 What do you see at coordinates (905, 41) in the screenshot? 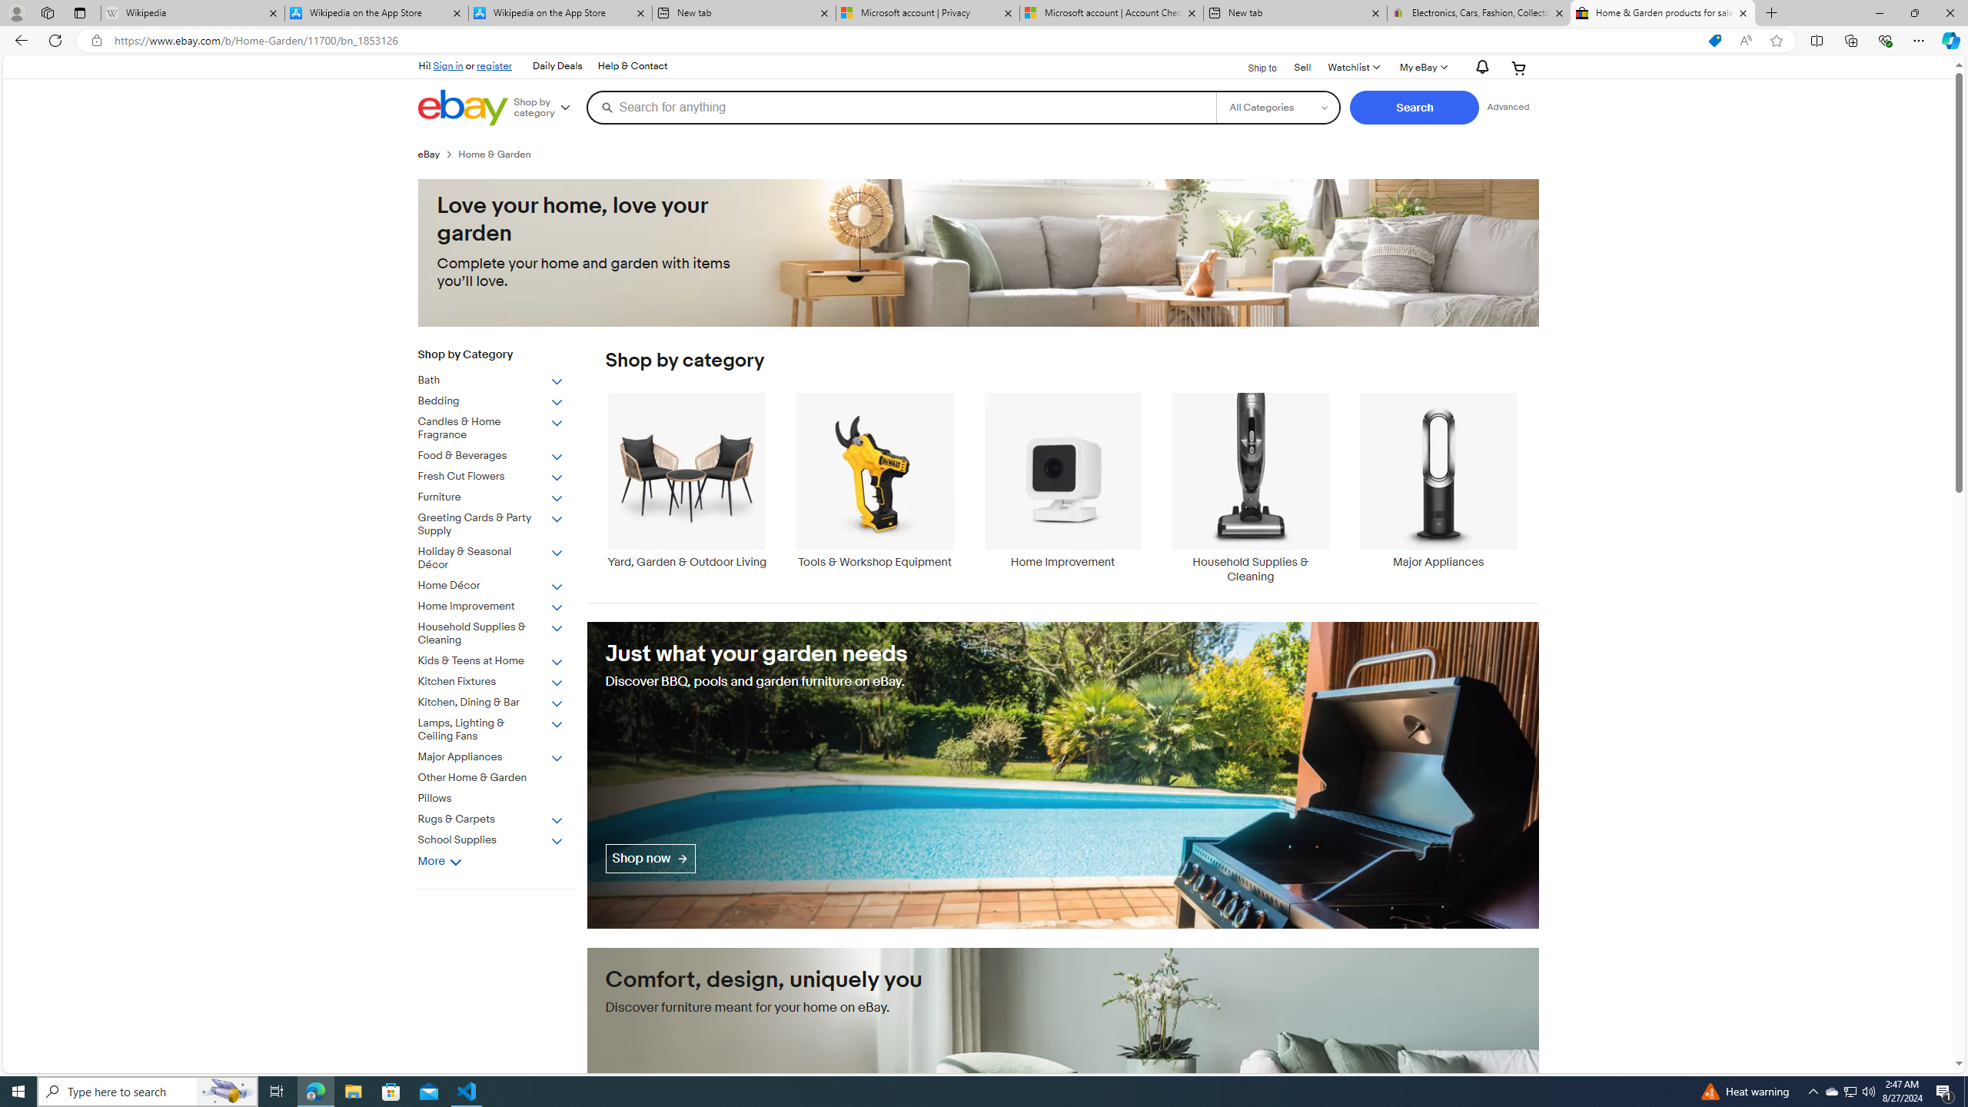
I see `'Address and search bar'` at bounding box center [905, 41].